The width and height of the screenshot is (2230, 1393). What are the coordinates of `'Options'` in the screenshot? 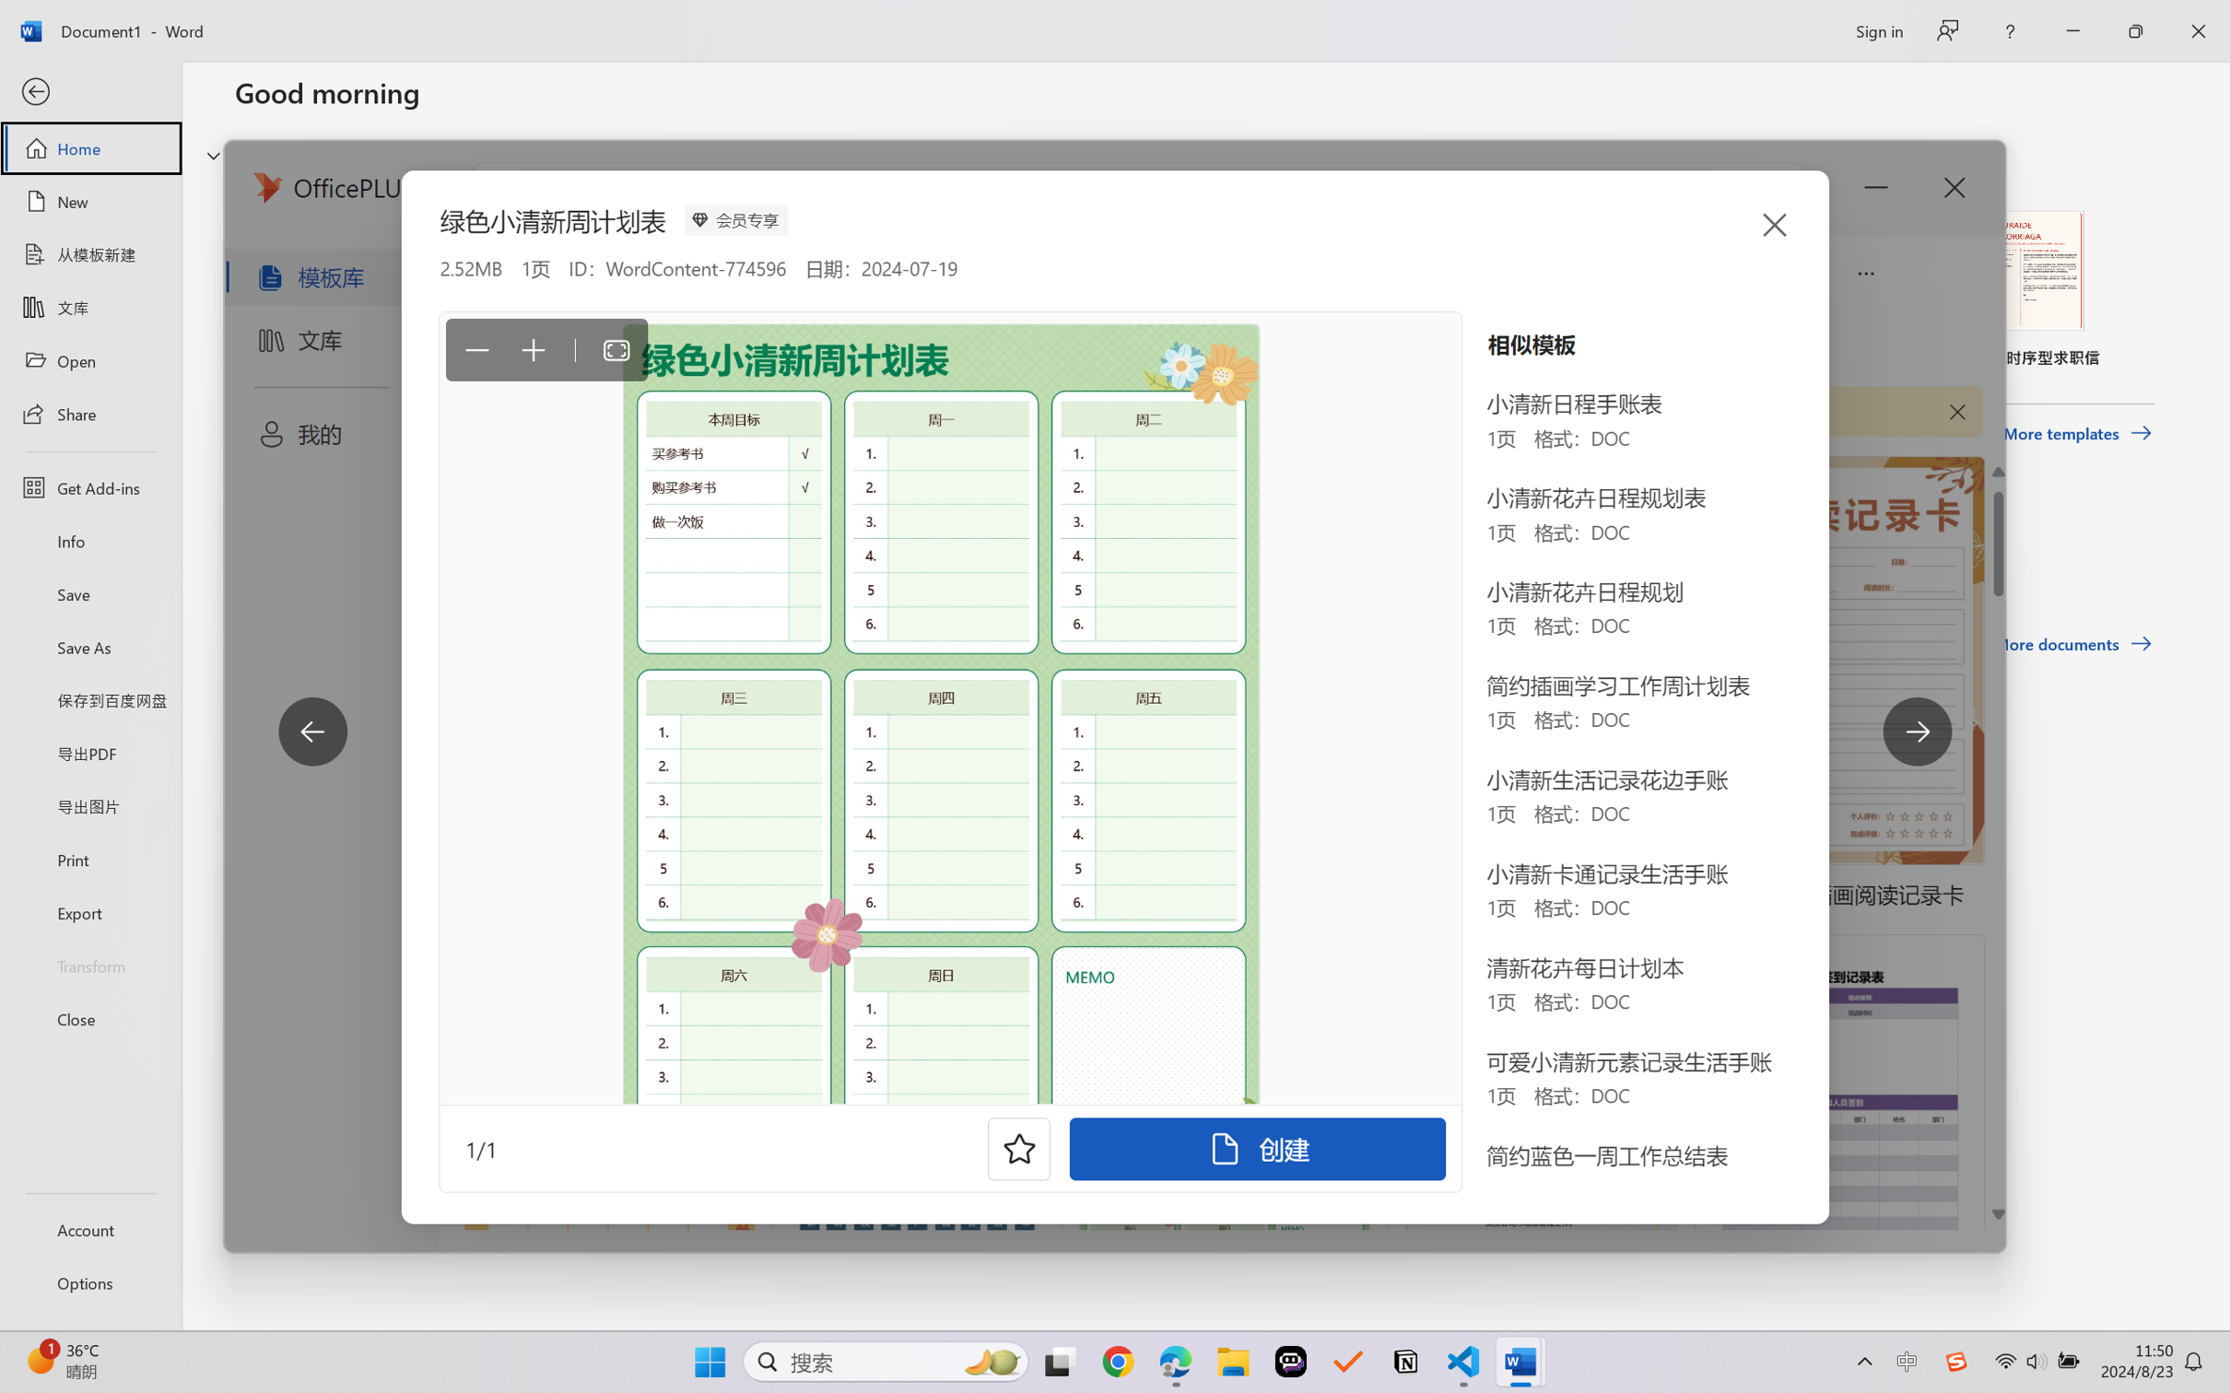 It's located at (89, 1282).